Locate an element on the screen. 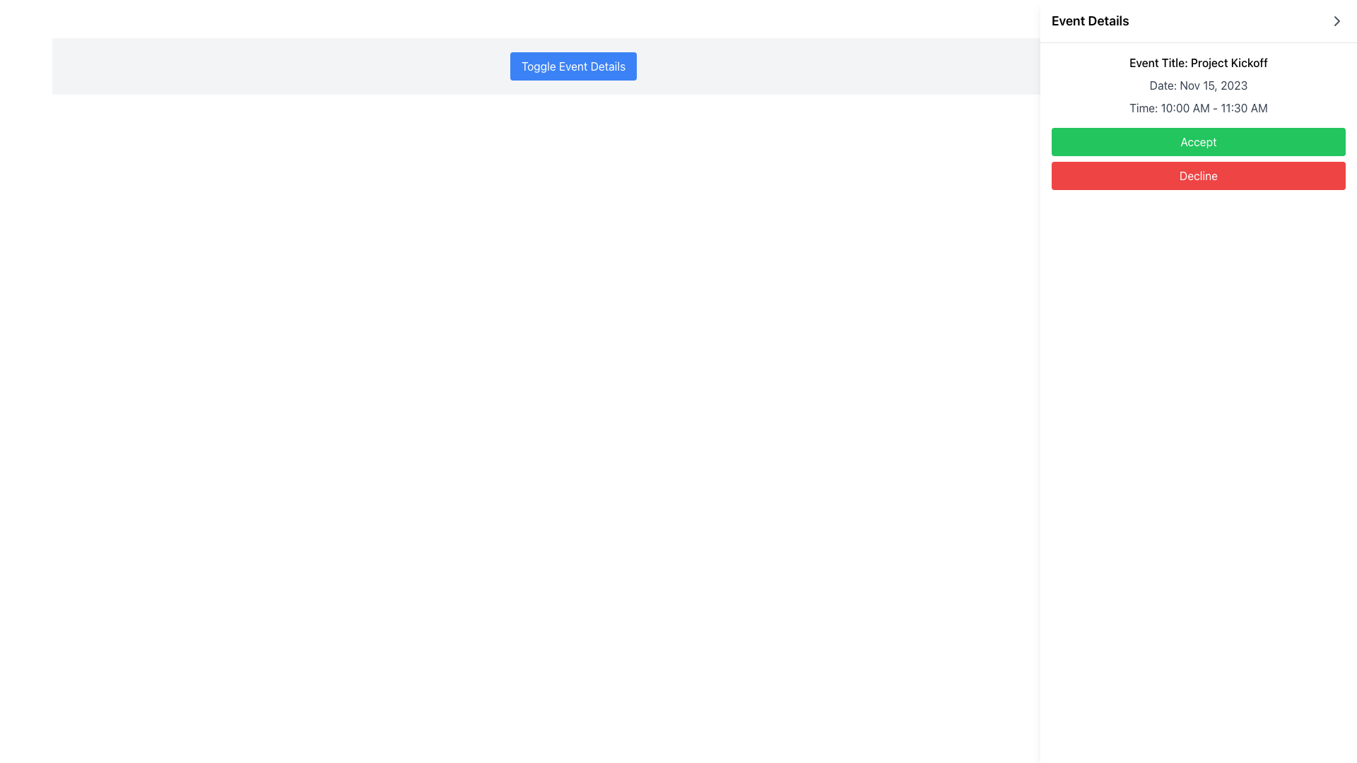 This screenshot has height=763, width=1357. the chevron icon in the top-right corner of the interface, adjacent to the 'Event Details' label is located at coordinates (1336, 21).